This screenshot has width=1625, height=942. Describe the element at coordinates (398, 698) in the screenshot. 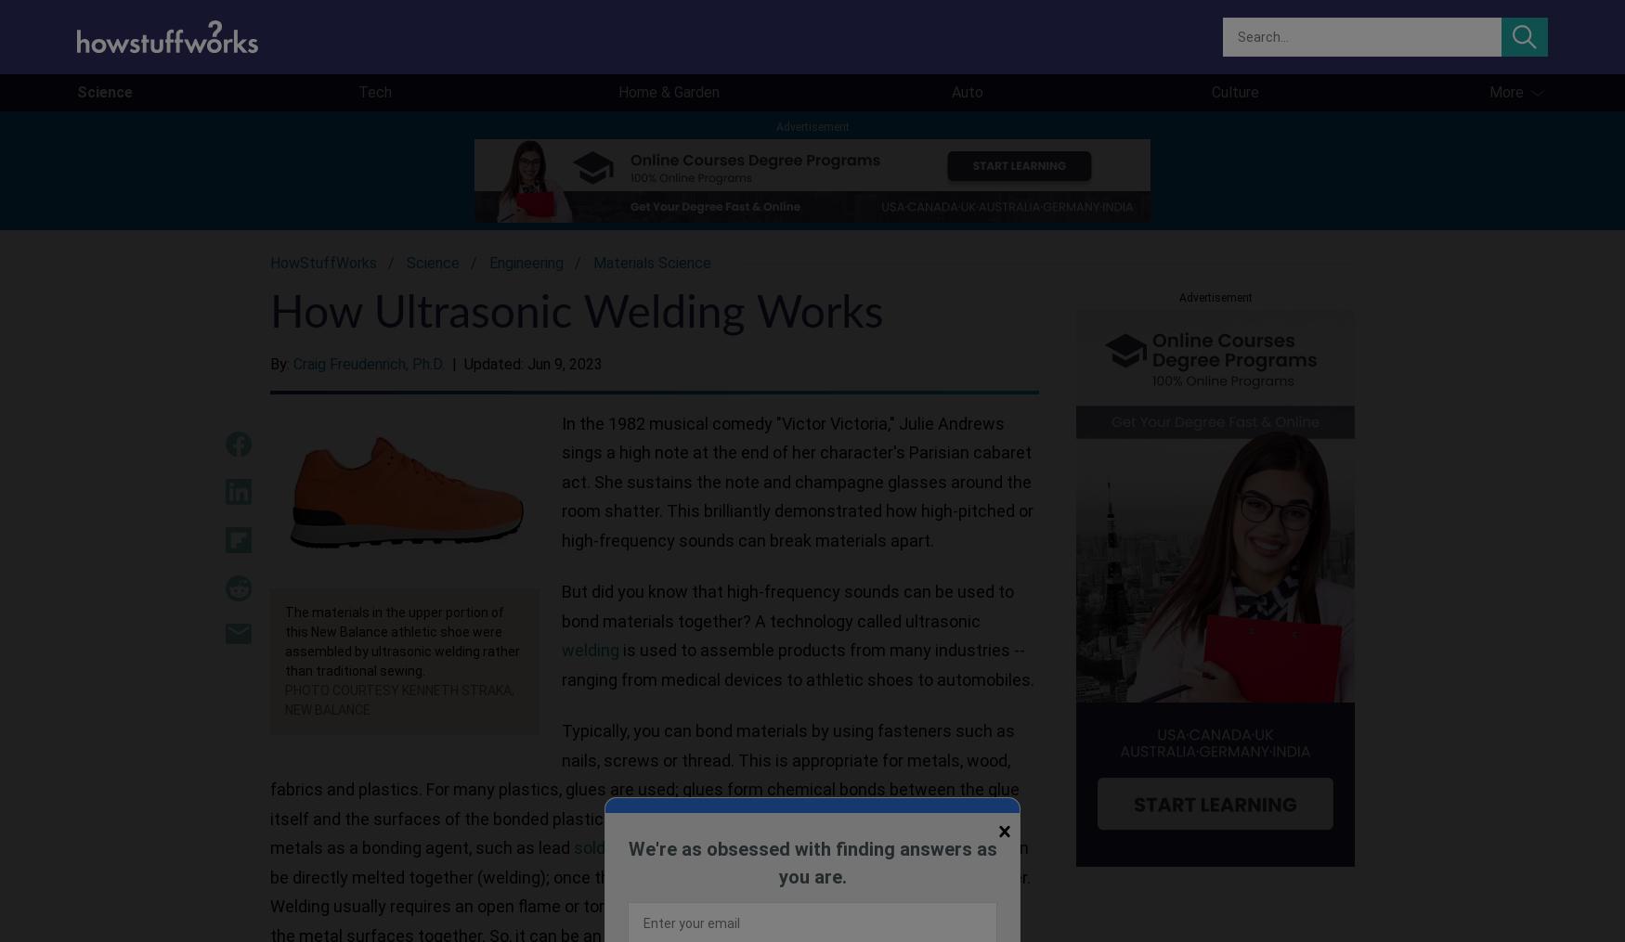

I see `'Photo courtesy Kenneth Straka, New Balance'` at that location.